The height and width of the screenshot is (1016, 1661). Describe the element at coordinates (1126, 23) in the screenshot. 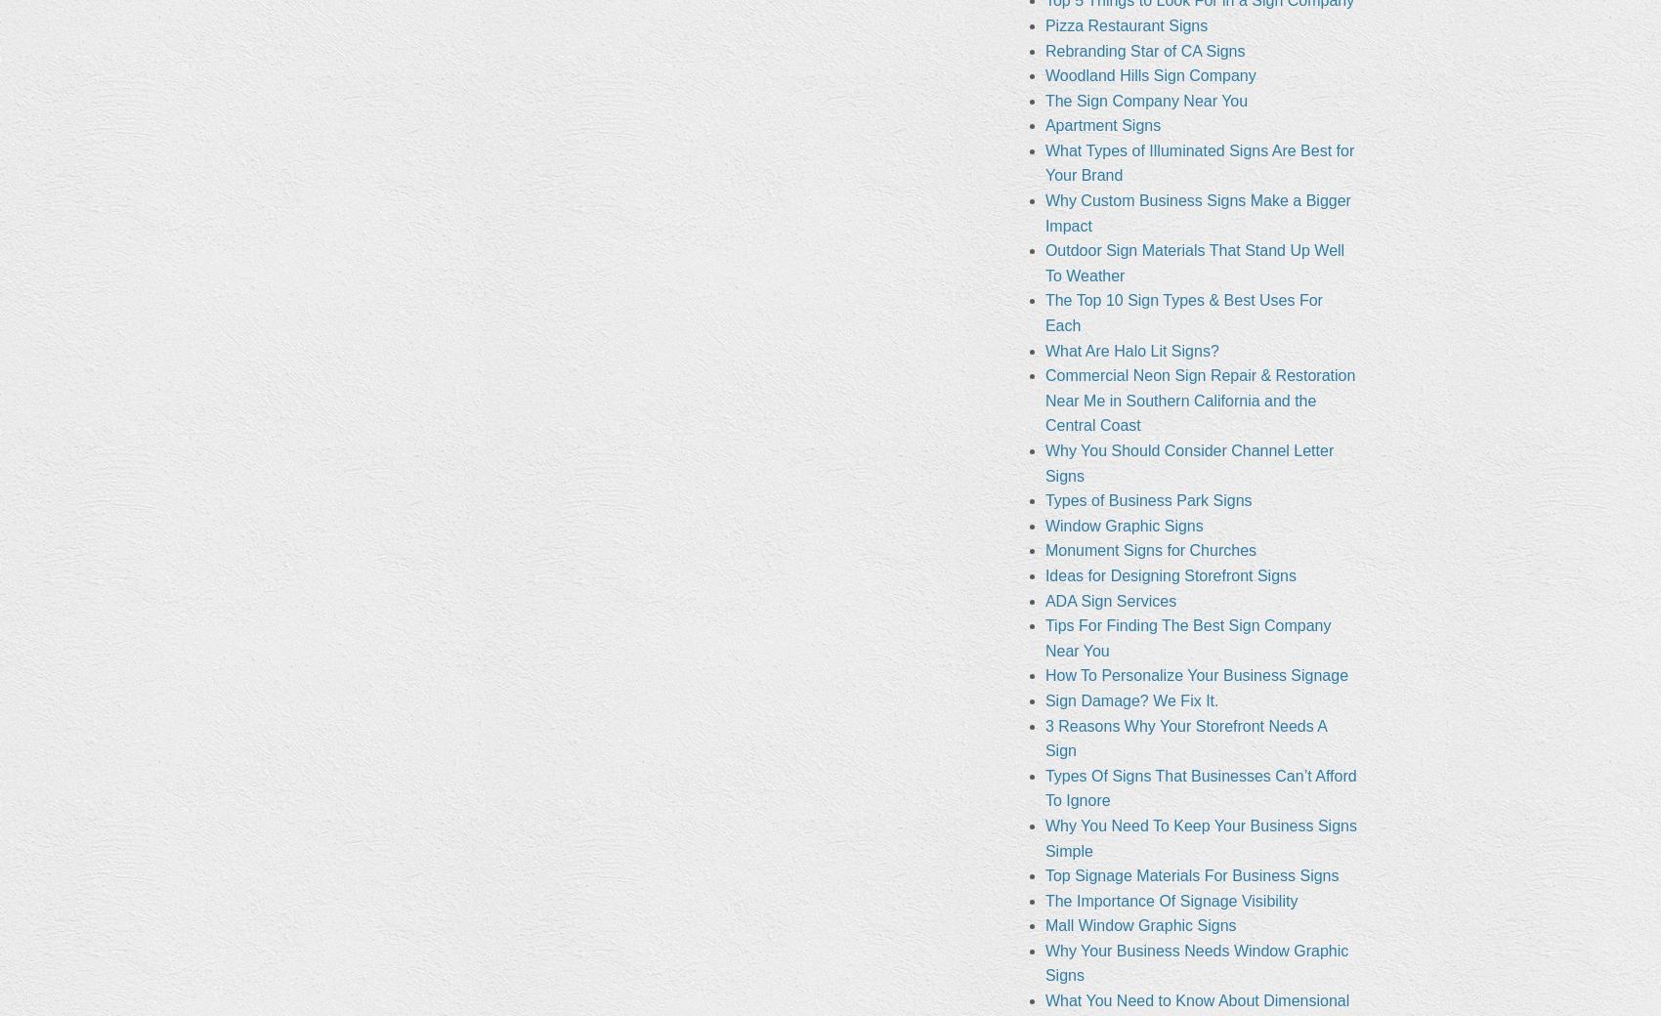

I see `'Pizza Restaurant Signs'` at that location.